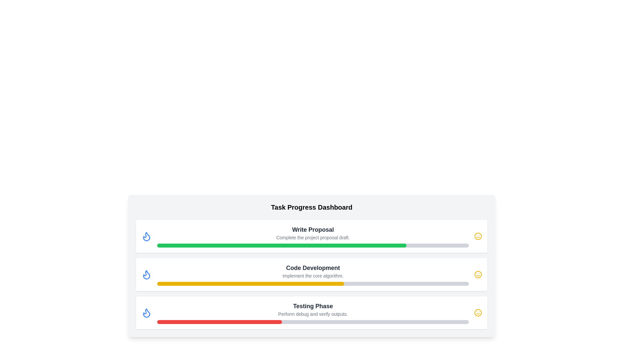 The height and width of the screenshot is (356, 634). I want to click on the design of the small blue flame icon located on the left side of the 'Testing Phase' card, which is the bottommost card in the stack, so click(146, 312).